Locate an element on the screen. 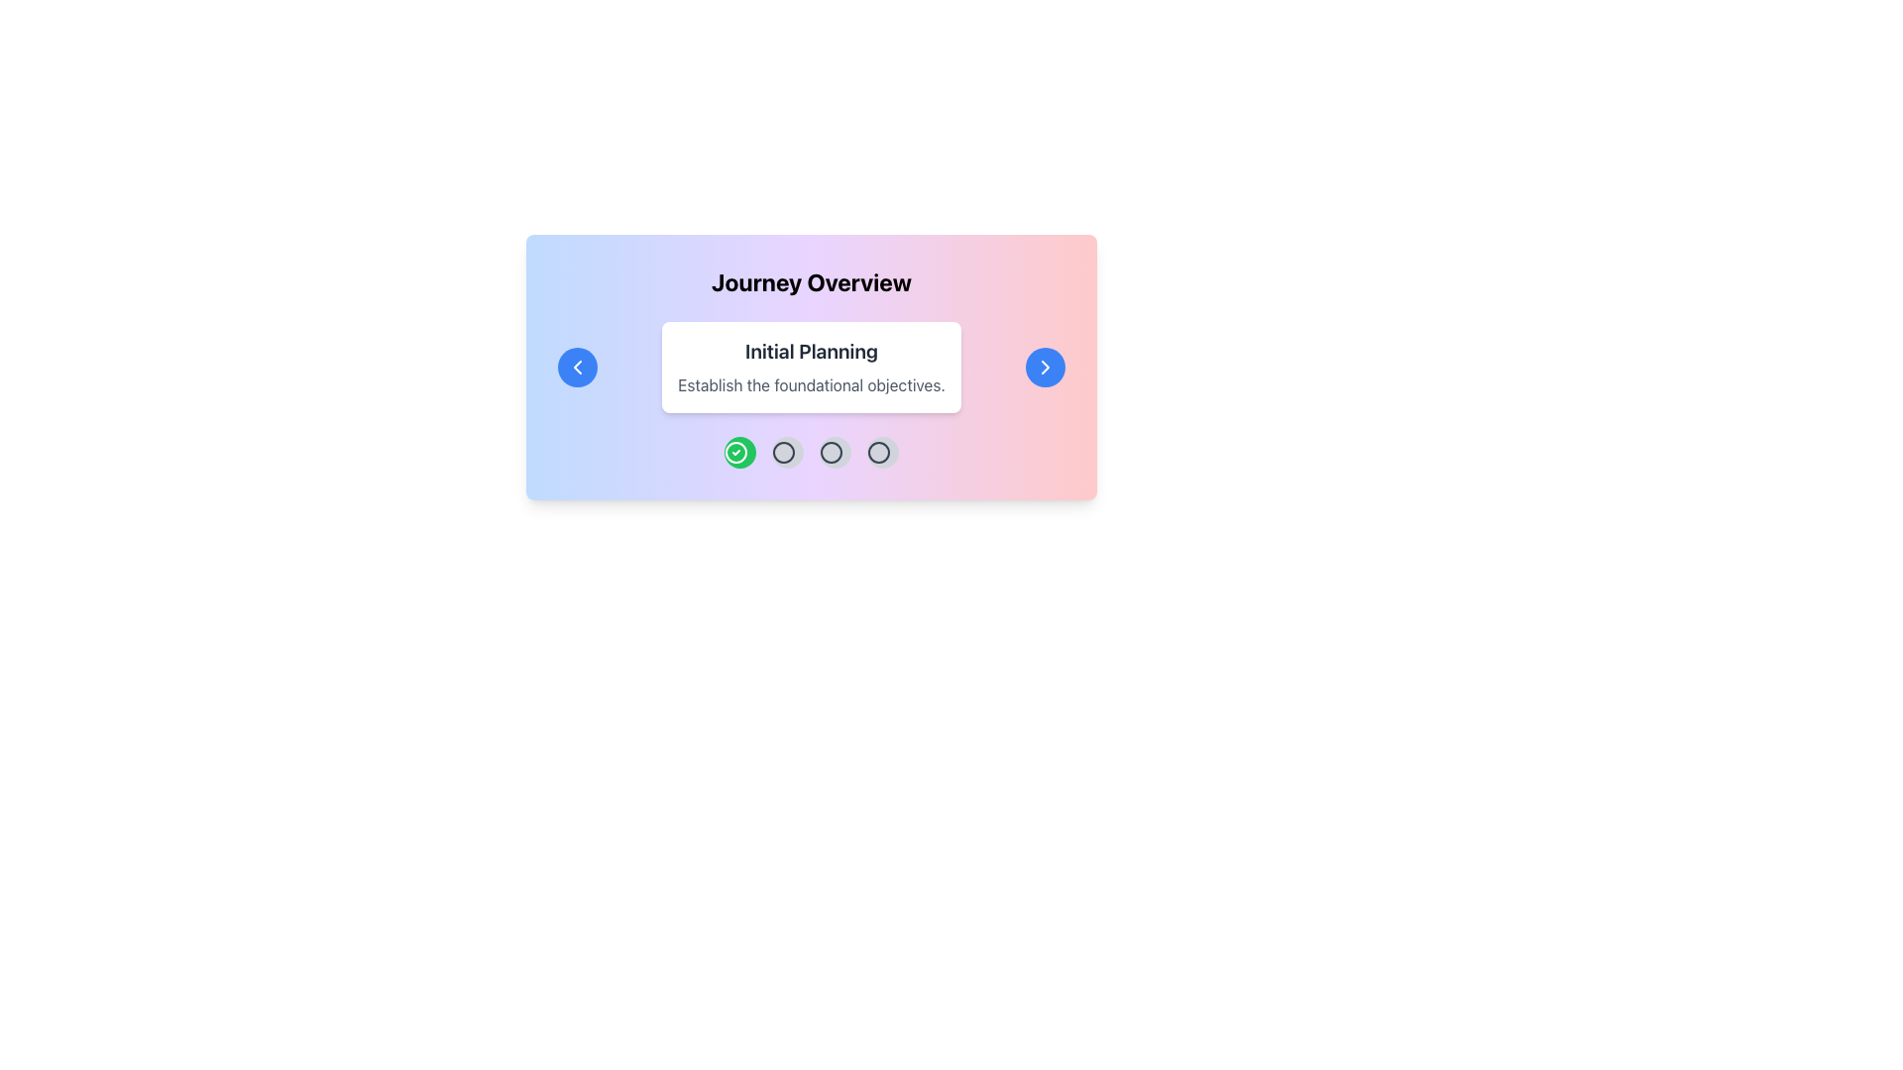 The width and height of the screenshot is (1903, 1070). the circular icon with a thin black outline and light gray fill, which is the second from the left in a row of four icons at the bottom center of the card layout is located at coordinates (783, 452).